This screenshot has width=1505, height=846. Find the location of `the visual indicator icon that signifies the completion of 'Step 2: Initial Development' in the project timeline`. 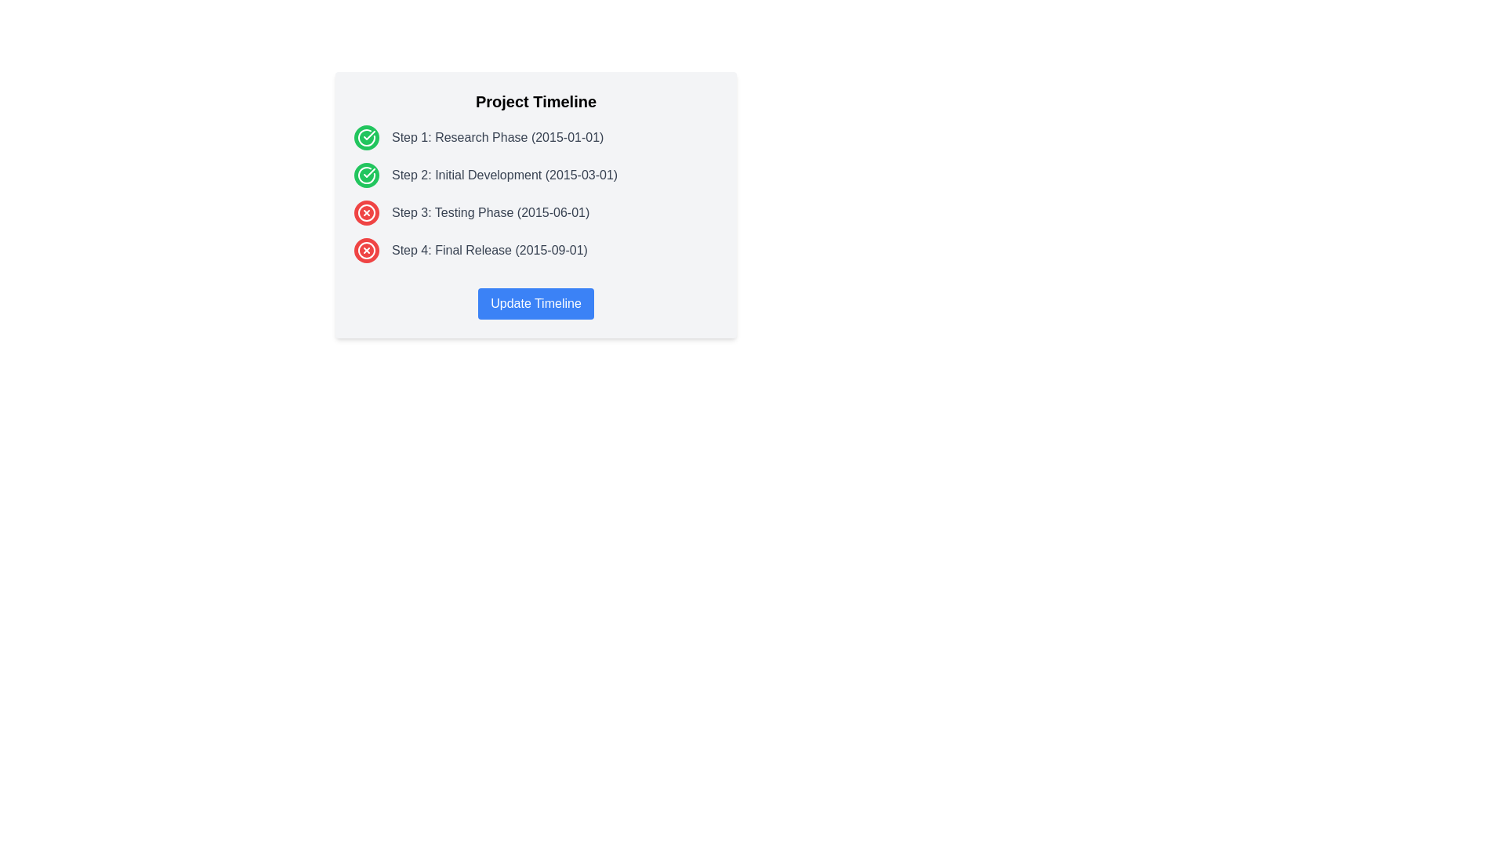

the visual indicator icon that signifies the completion of 'Step 2: Initial Development' in the project timeline is located at coordinates (365, 175).